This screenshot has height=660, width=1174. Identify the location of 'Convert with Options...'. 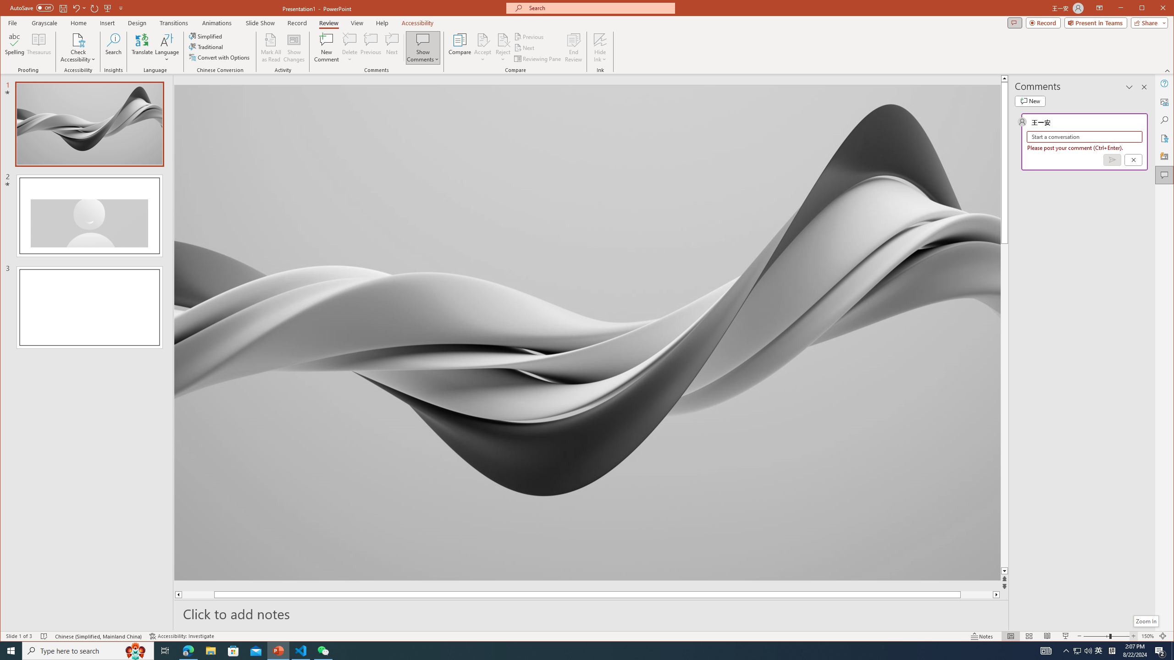
(220, 57).